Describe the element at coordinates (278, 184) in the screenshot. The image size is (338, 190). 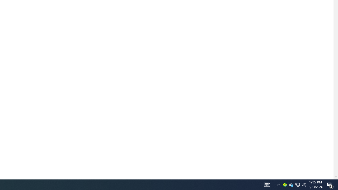
I see `'Notification Chevron'` at that location.